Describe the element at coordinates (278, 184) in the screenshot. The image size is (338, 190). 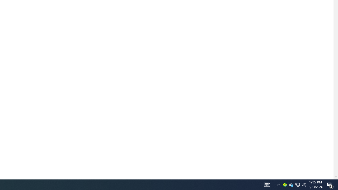
I see `'Notification Chevron'` at that location.